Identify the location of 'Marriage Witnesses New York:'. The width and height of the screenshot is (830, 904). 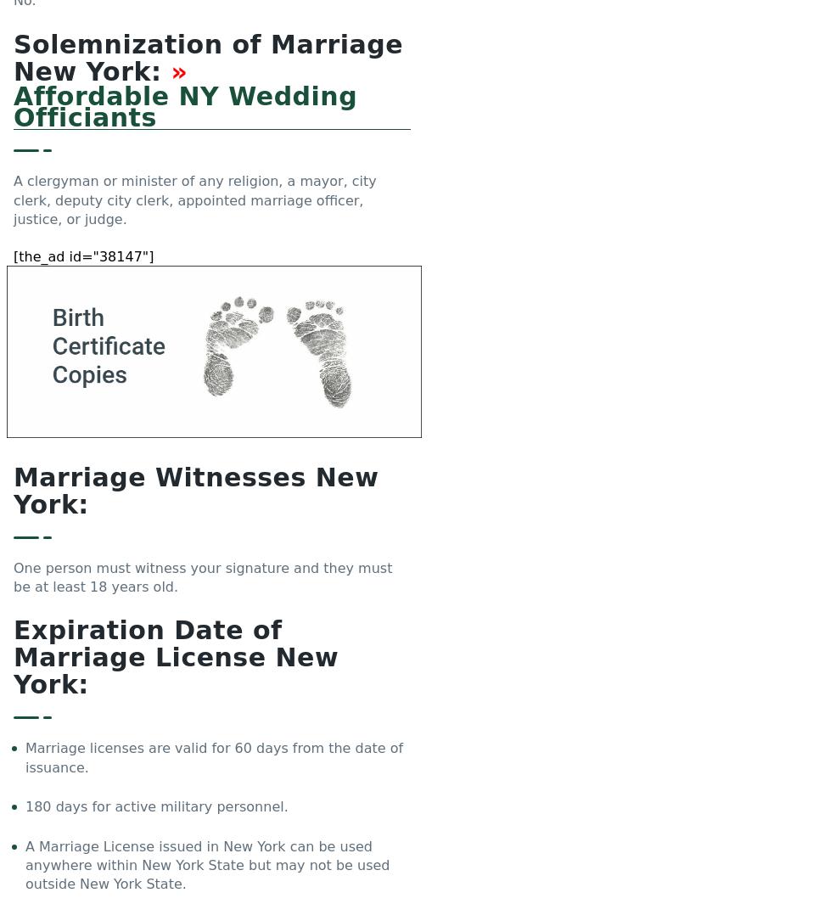
(196, 490).